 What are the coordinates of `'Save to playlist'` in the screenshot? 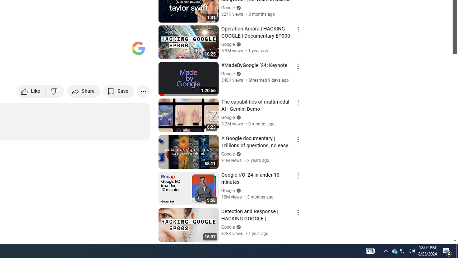 It's located at (118, 91).